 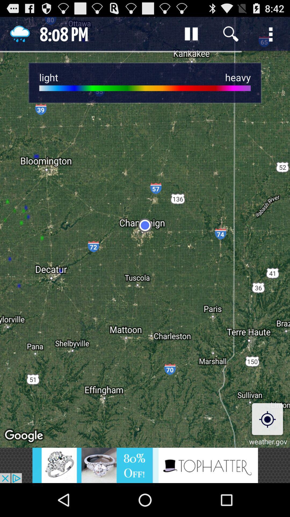 I want to click on click advertisement, so click(x=145, y=465).